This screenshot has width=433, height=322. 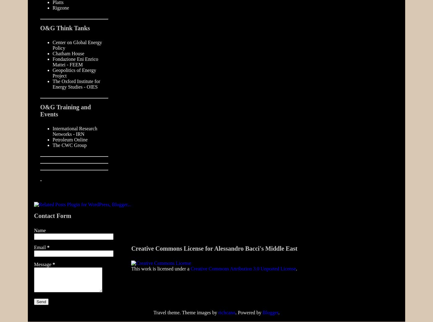 I want to click on 'Name', so click(x=40, y=230).